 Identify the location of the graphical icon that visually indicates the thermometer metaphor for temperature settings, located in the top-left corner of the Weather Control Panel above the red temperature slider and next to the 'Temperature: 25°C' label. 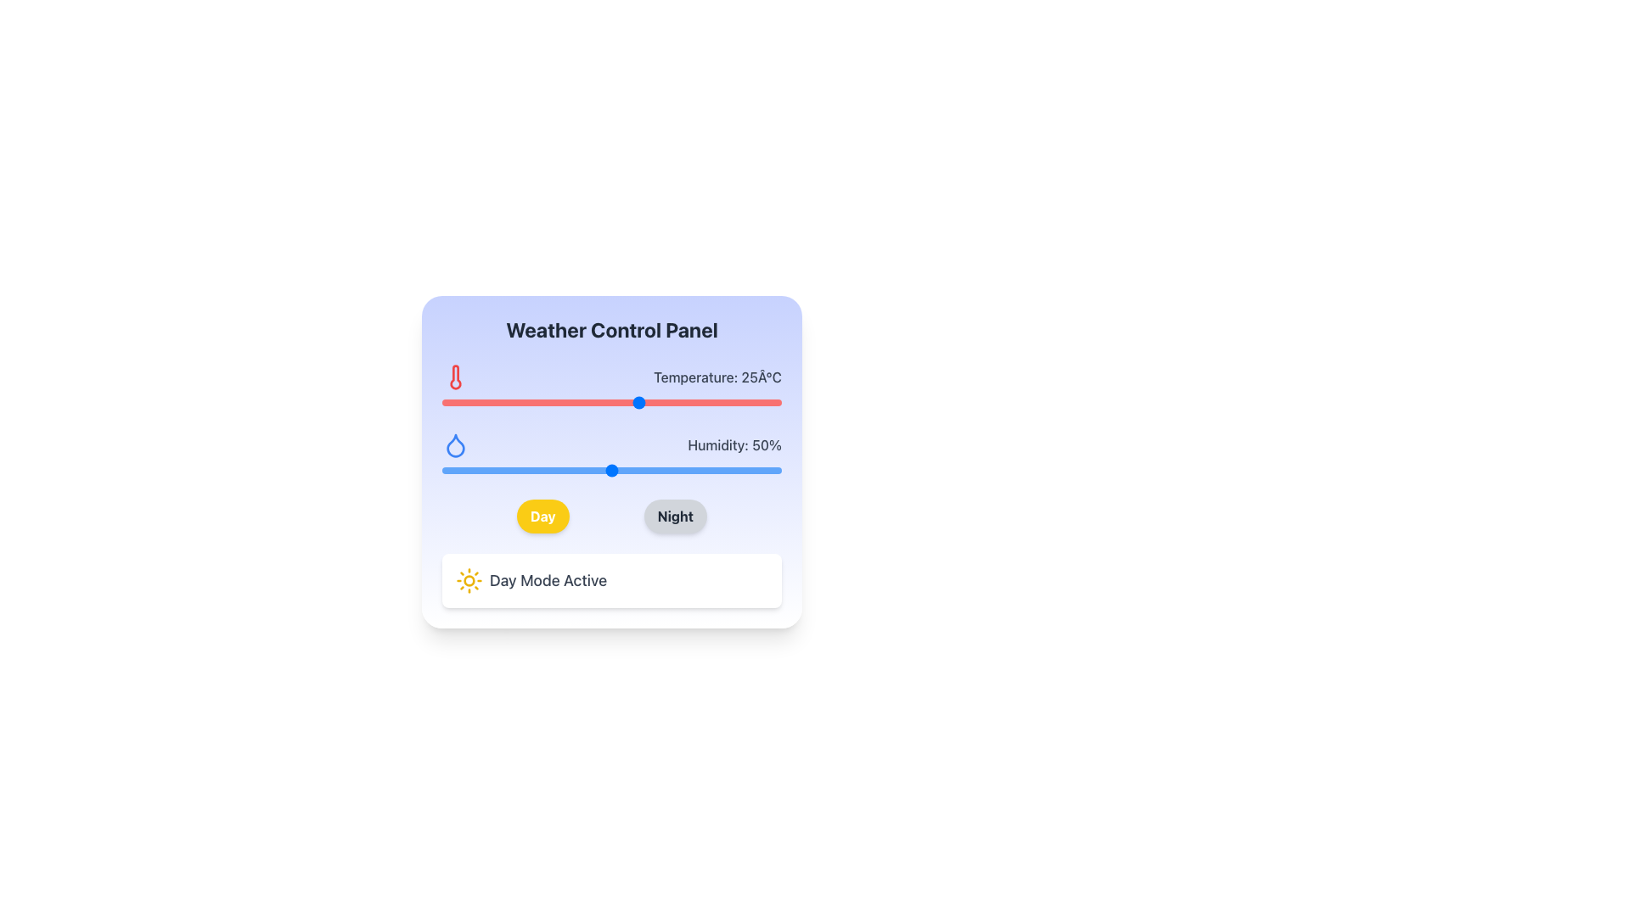
(456, 376).